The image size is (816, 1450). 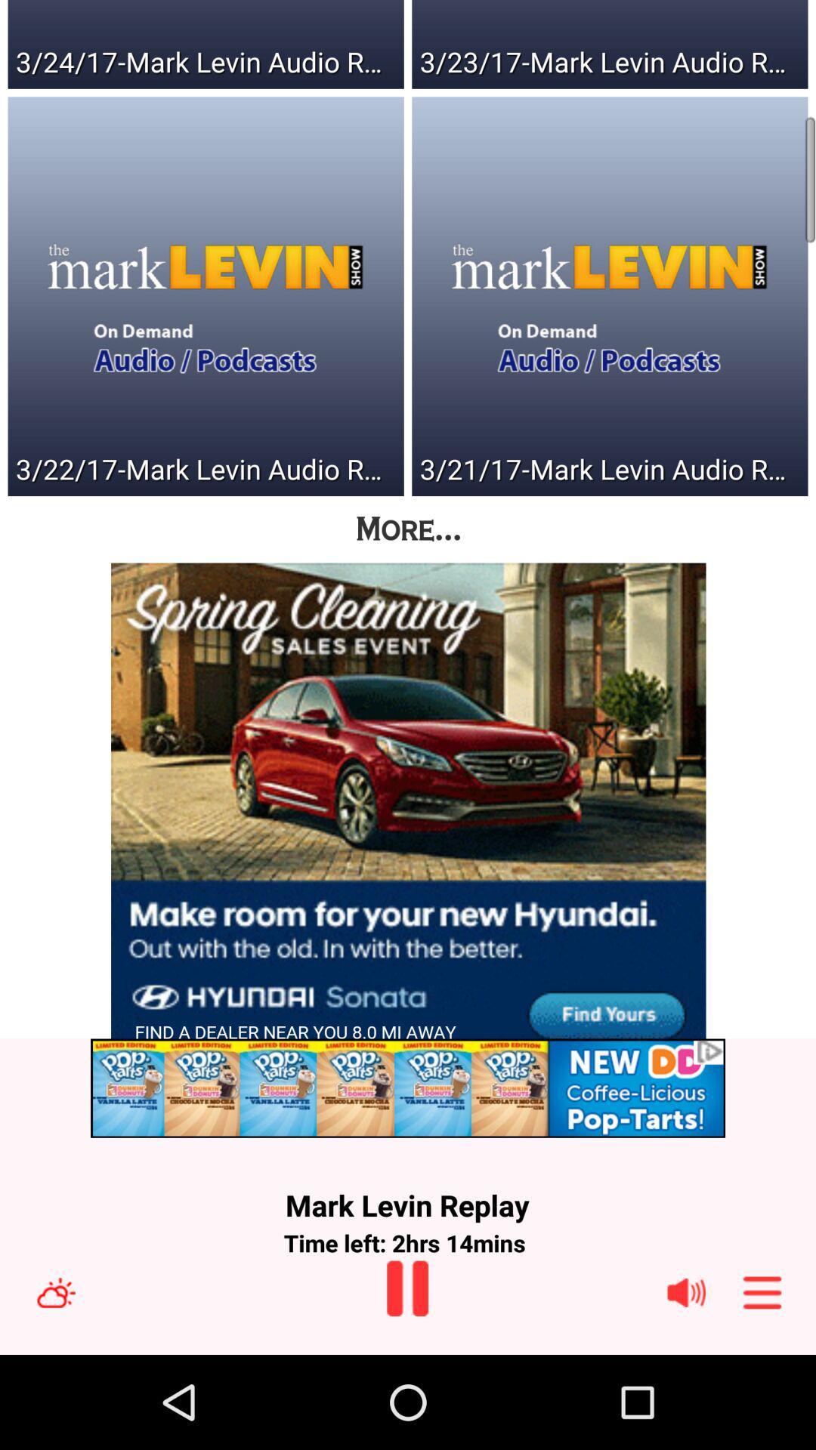 I want to click on advertisement banner, so click(x=408, y=1088).